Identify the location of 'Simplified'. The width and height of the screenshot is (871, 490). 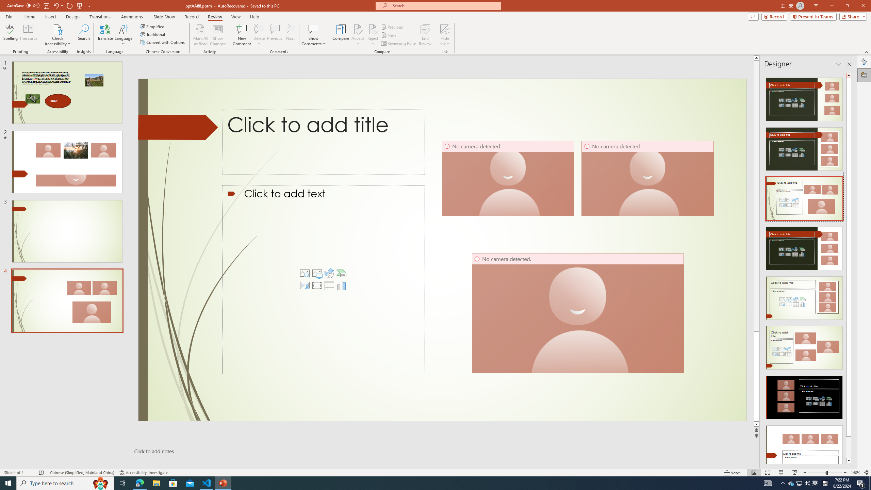
(152, 26).